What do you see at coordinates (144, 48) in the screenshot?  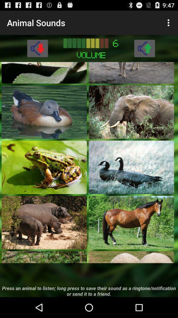 I see `raise volume` at bounding box center [144, 48].